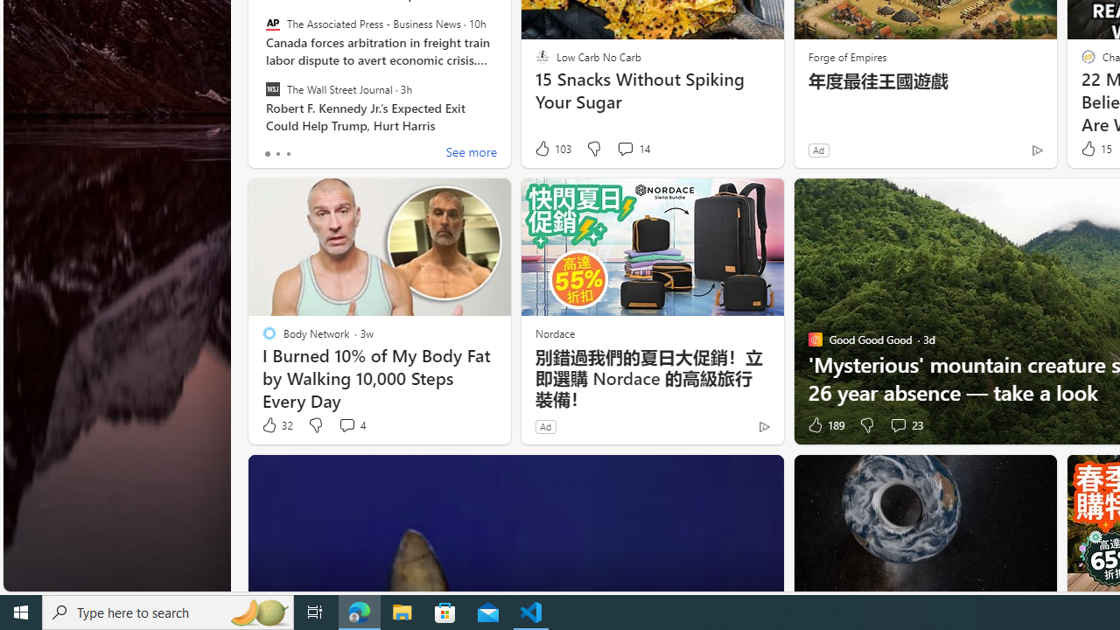 This screenshot has height=630, width=1120. Describe the element at coordinates (530, 611) in the screenshot. I see `'Visual Studio Code - 1 running window'` at that location.